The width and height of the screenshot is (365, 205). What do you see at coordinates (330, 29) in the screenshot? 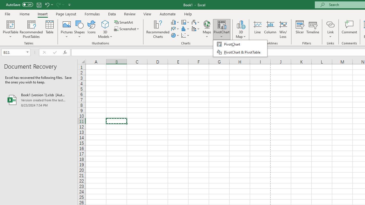
I see `'Link'` at bounding box center [330, 29].